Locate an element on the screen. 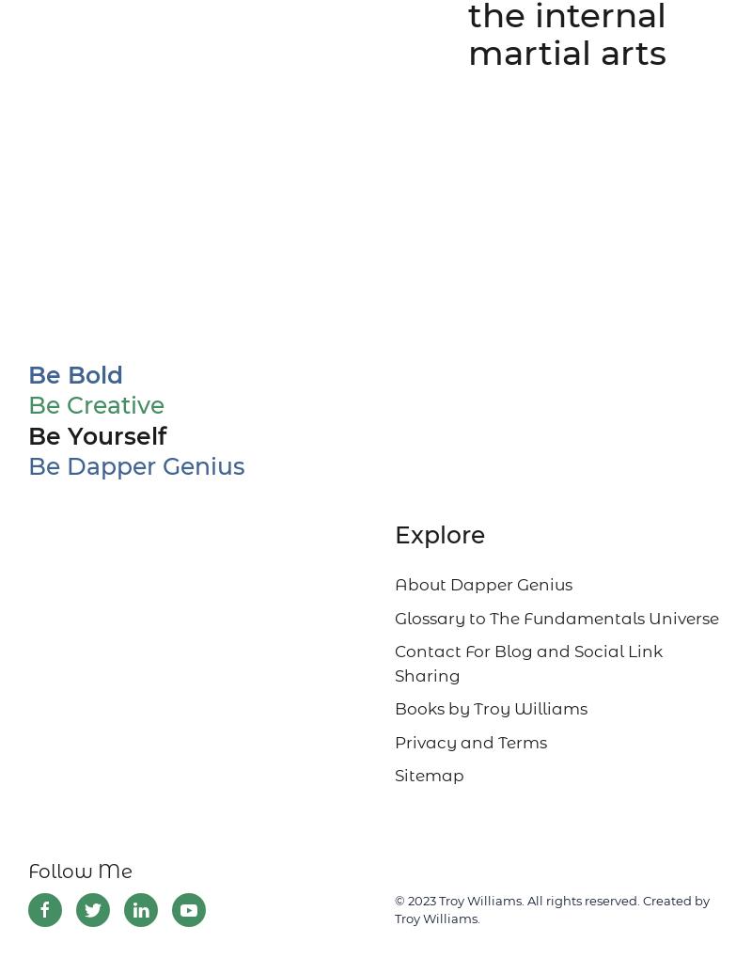 This screenshot has width=752, height=958. 'About Dapper Genius' is located at coordinates (395, 584).